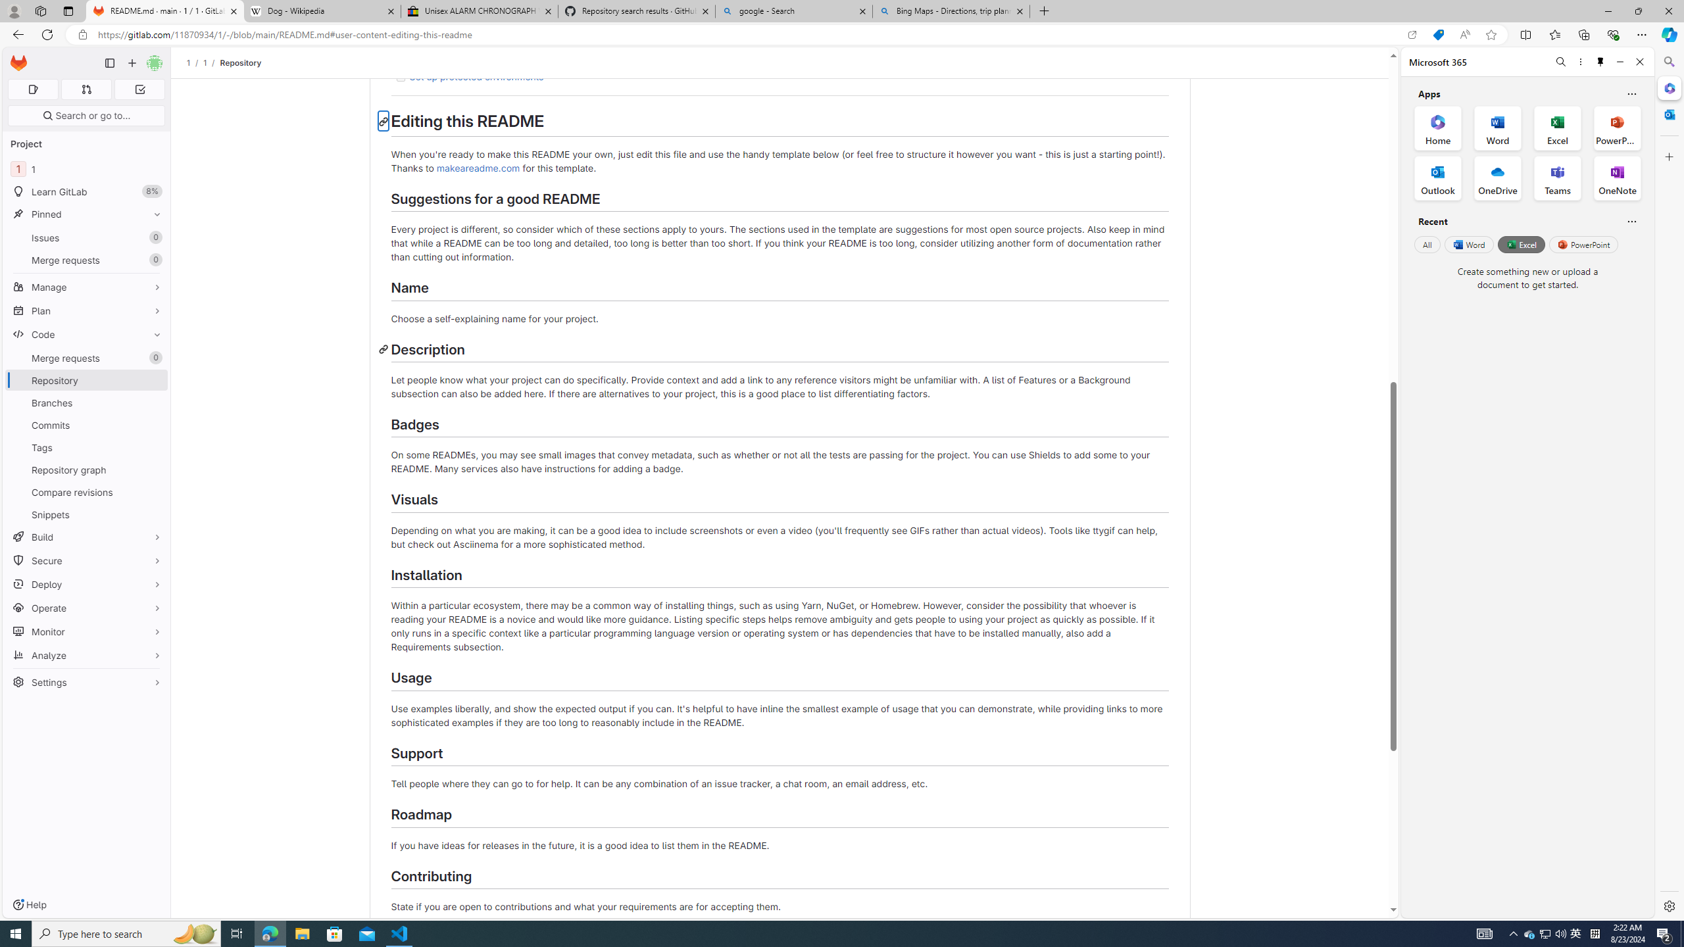  I want to click on 'OneDrive Office App', so click(1497, 178).